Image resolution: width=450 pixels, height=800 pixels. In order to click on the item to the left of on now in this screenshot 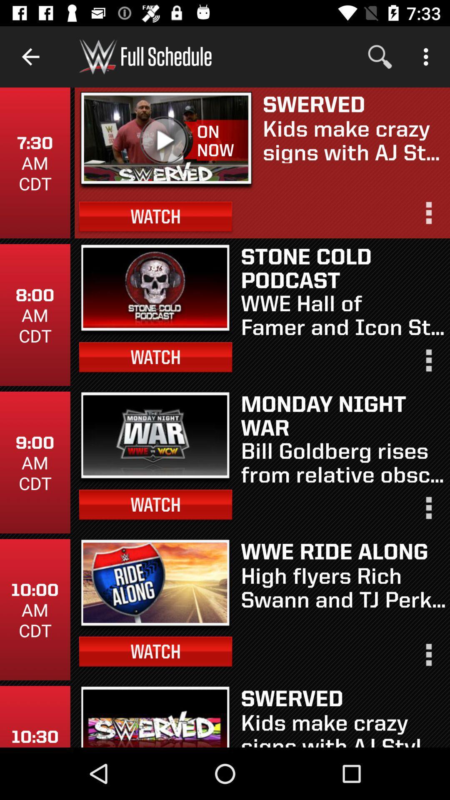, I will do `click(166, 141)`.